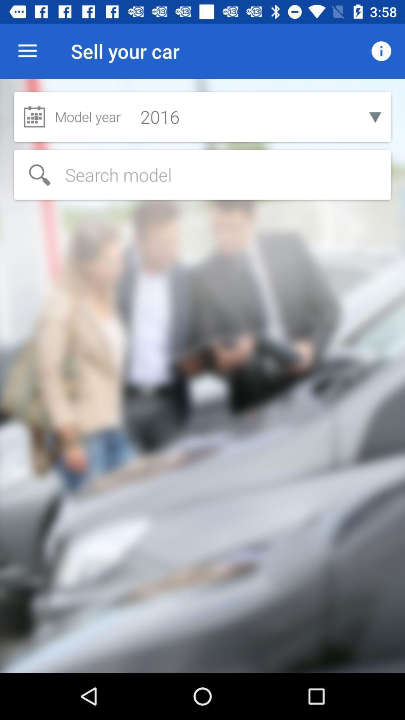  Describe the element at coordinates (27, 51) in the screenshot. I see `the icon next to sell your car` at that location.